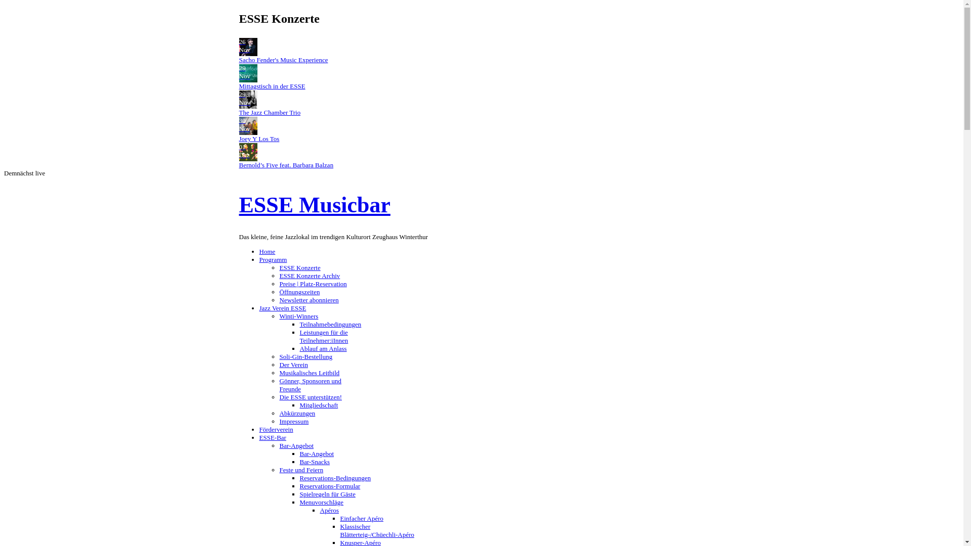 The width and height of the screenshot is (971, 546). I want to click on 'Teilnahmebedingungen', so click(330, 324).